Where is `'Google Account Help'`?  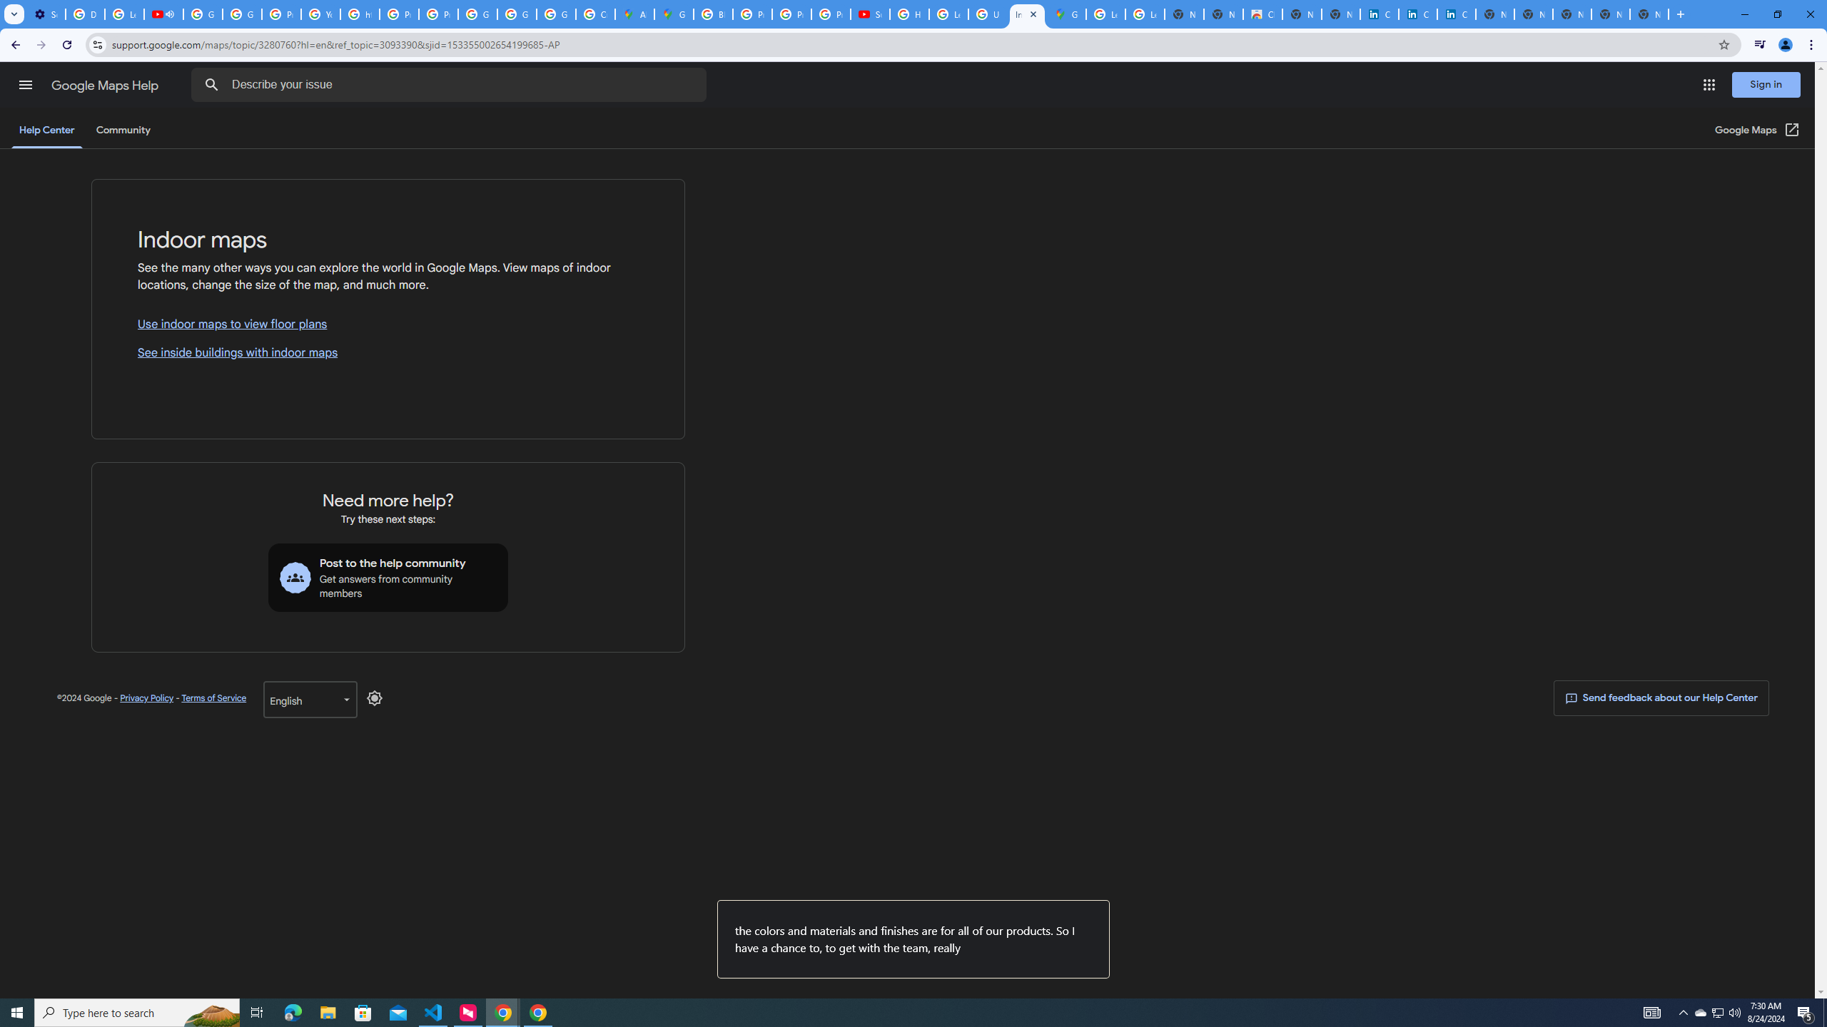
'Google Account Help' is located at coordinates (203, 14).